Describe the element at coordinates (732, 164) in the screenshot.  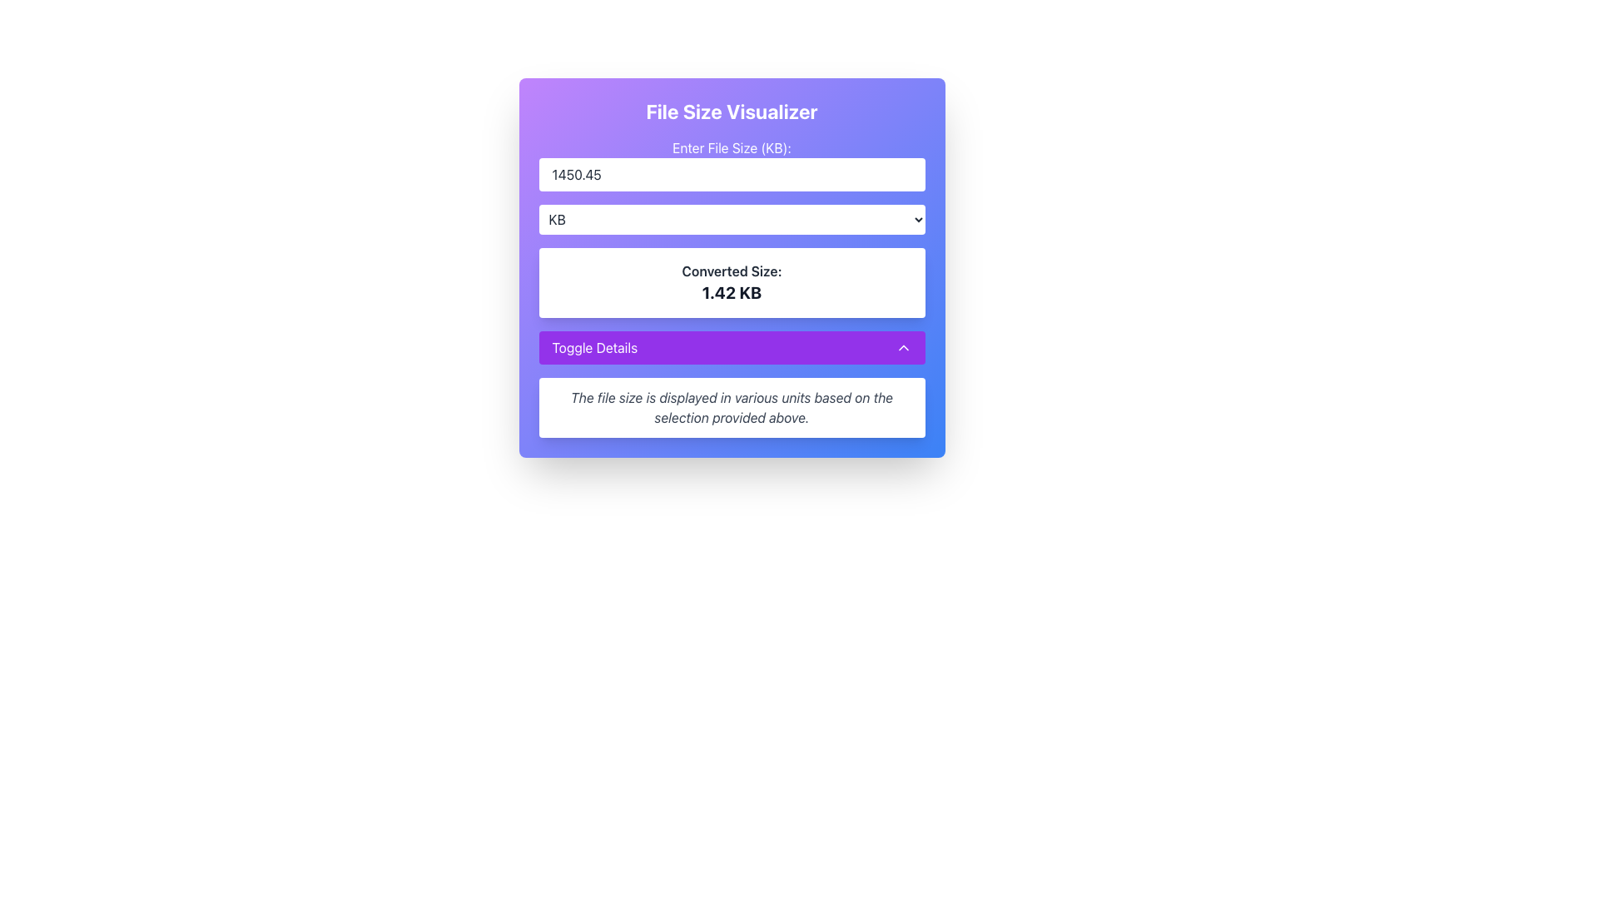
I see `the input field labeled 'Enter File Size (KB):' to focus on it for user input` at that location.